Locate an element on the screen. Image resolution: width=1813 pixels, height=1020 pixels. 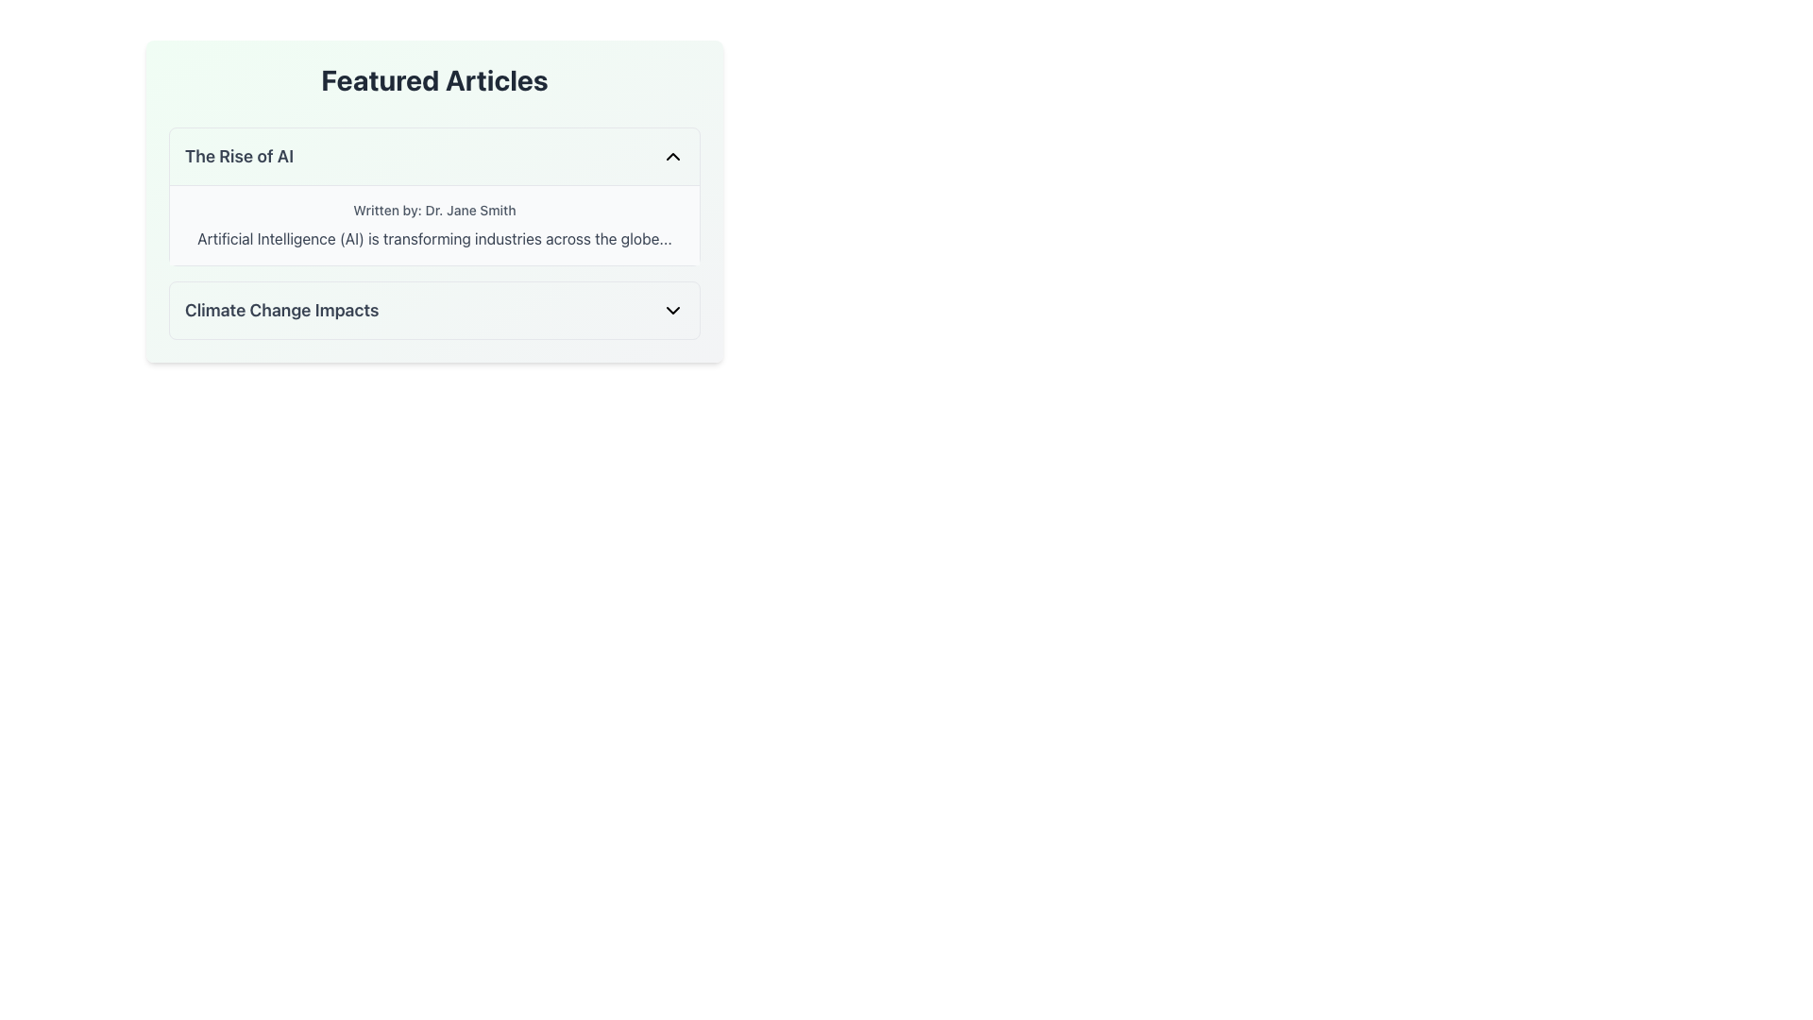
the text block containing the content 'Artificial Intelligence (AI) is transforming industries across the globe...' styled in gray color, located under the article title 'The Rise of AI' and the sub-section 'Written by: Dr. Jane Smith' is located at coordinates (433, 238).